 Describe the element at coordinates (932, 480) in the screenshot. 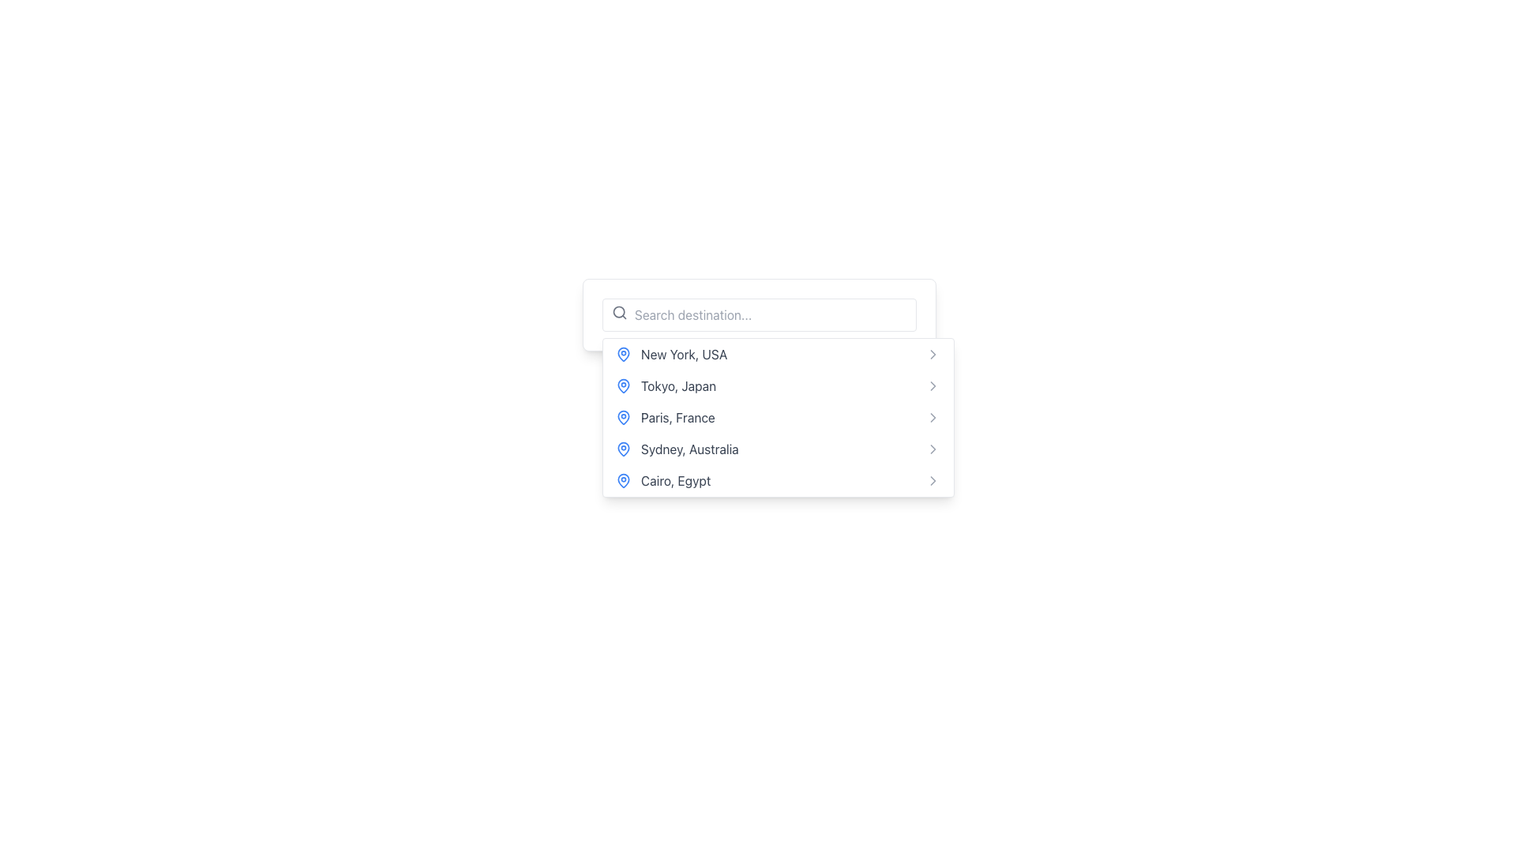

I see `the chevron icon located on the far right of the 'Cairo, Egypt' list item` at that location.